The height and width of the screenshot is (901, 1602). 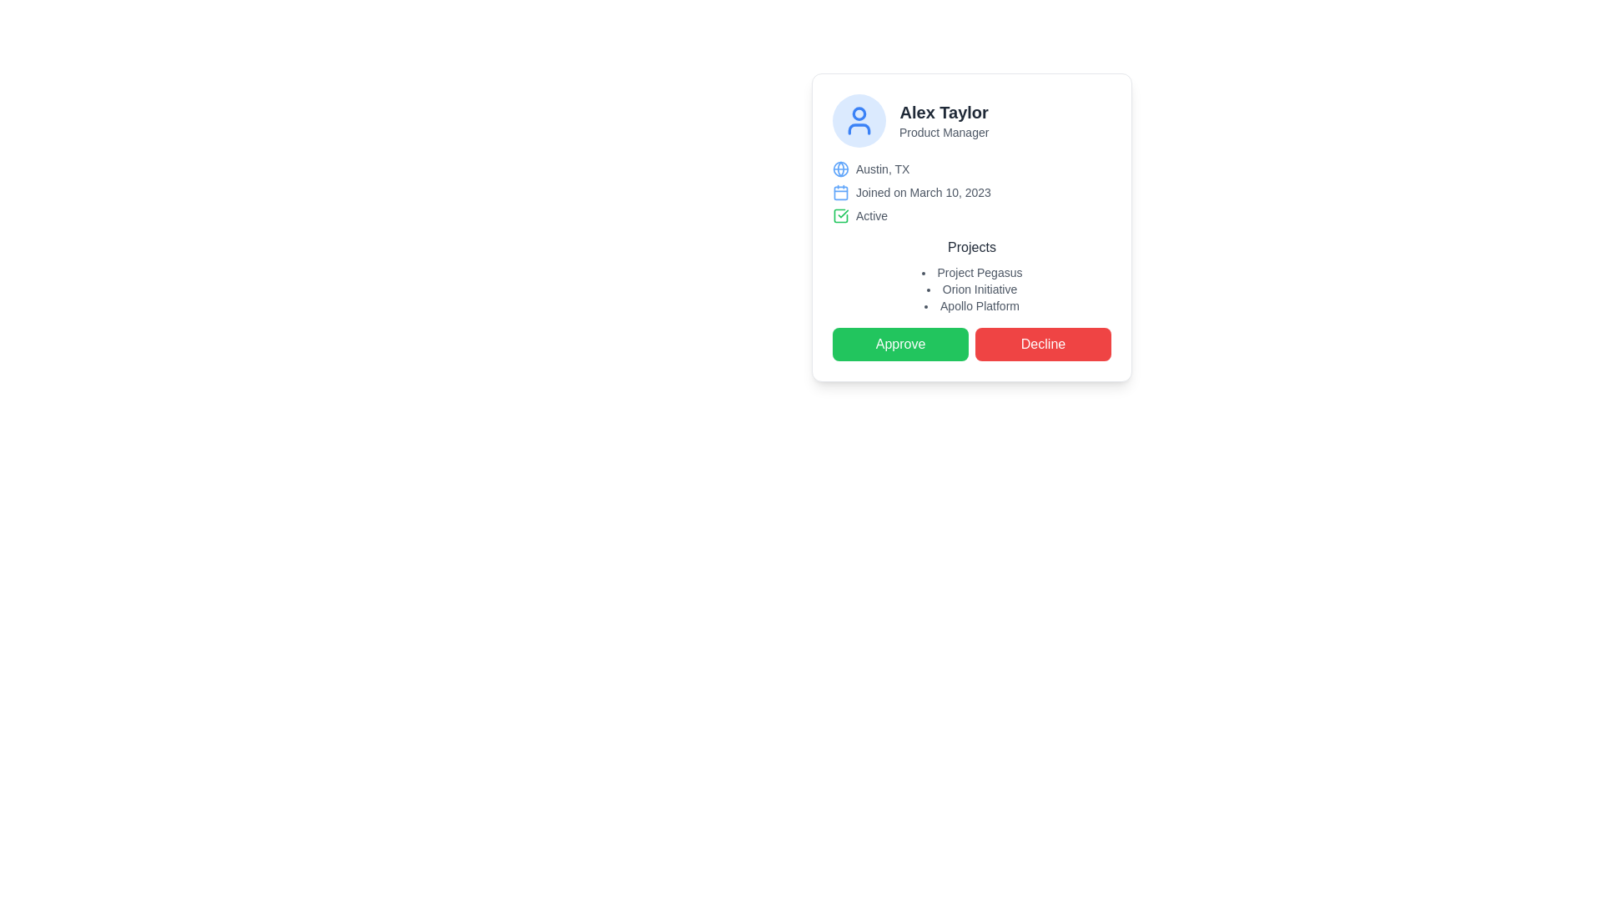 What do you see at coordinates (944, 113) in the screenshot?
I see `the Text label displaying the name of the individual associated with the card, located at the top of the rectangular card` at bounding box center [944, 113].